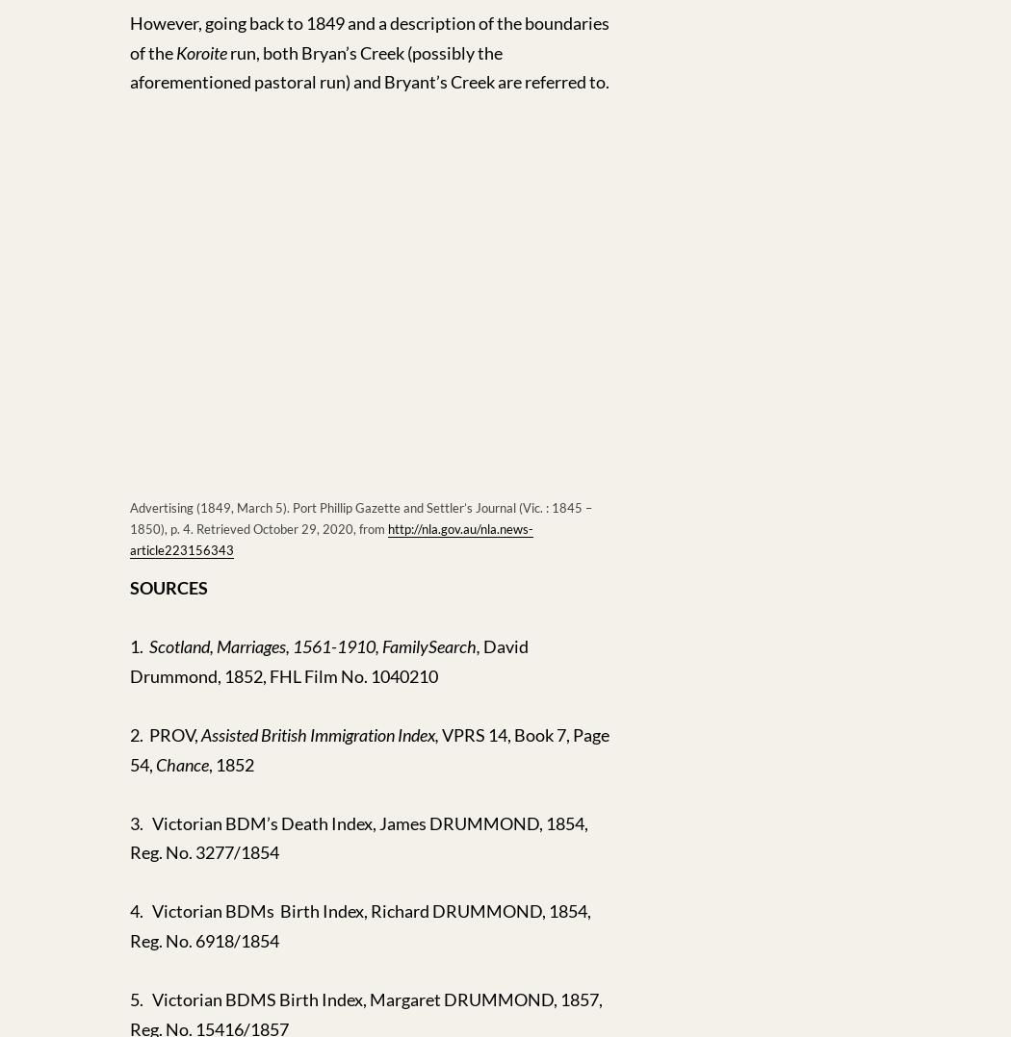 This screenshot has width=1011, height=1037. I want to click on ', 1852', so click(208, 762).